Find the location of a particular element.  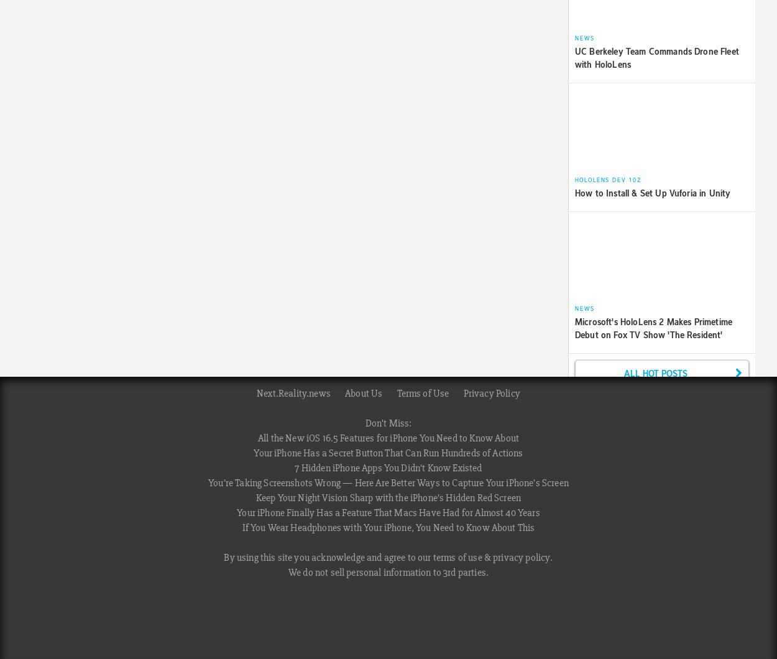

'&' is located at coordinates (487, 557).